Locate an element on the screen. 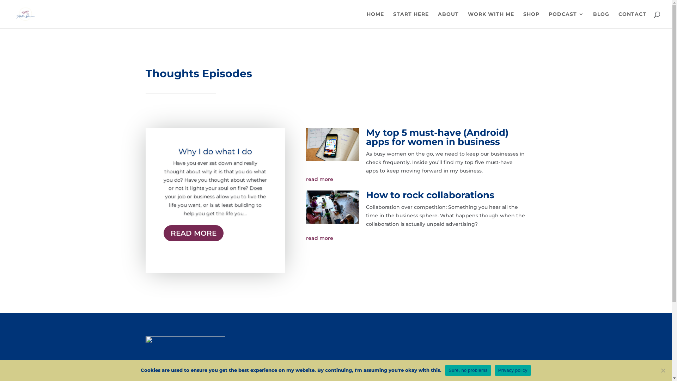 Image resolution: width=677 pixels, height=381 pixels. 'WORK WITH ME' is located at coordinates (490, 19).